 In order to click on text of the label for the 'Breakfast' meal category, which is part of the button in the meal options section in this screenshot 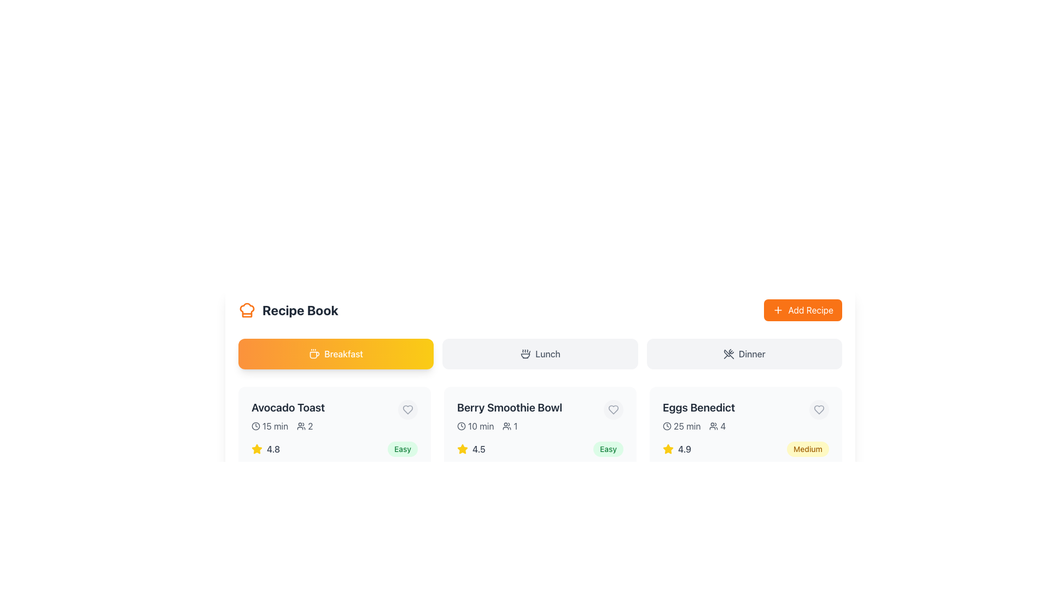, I will do `click(343, 354)`.